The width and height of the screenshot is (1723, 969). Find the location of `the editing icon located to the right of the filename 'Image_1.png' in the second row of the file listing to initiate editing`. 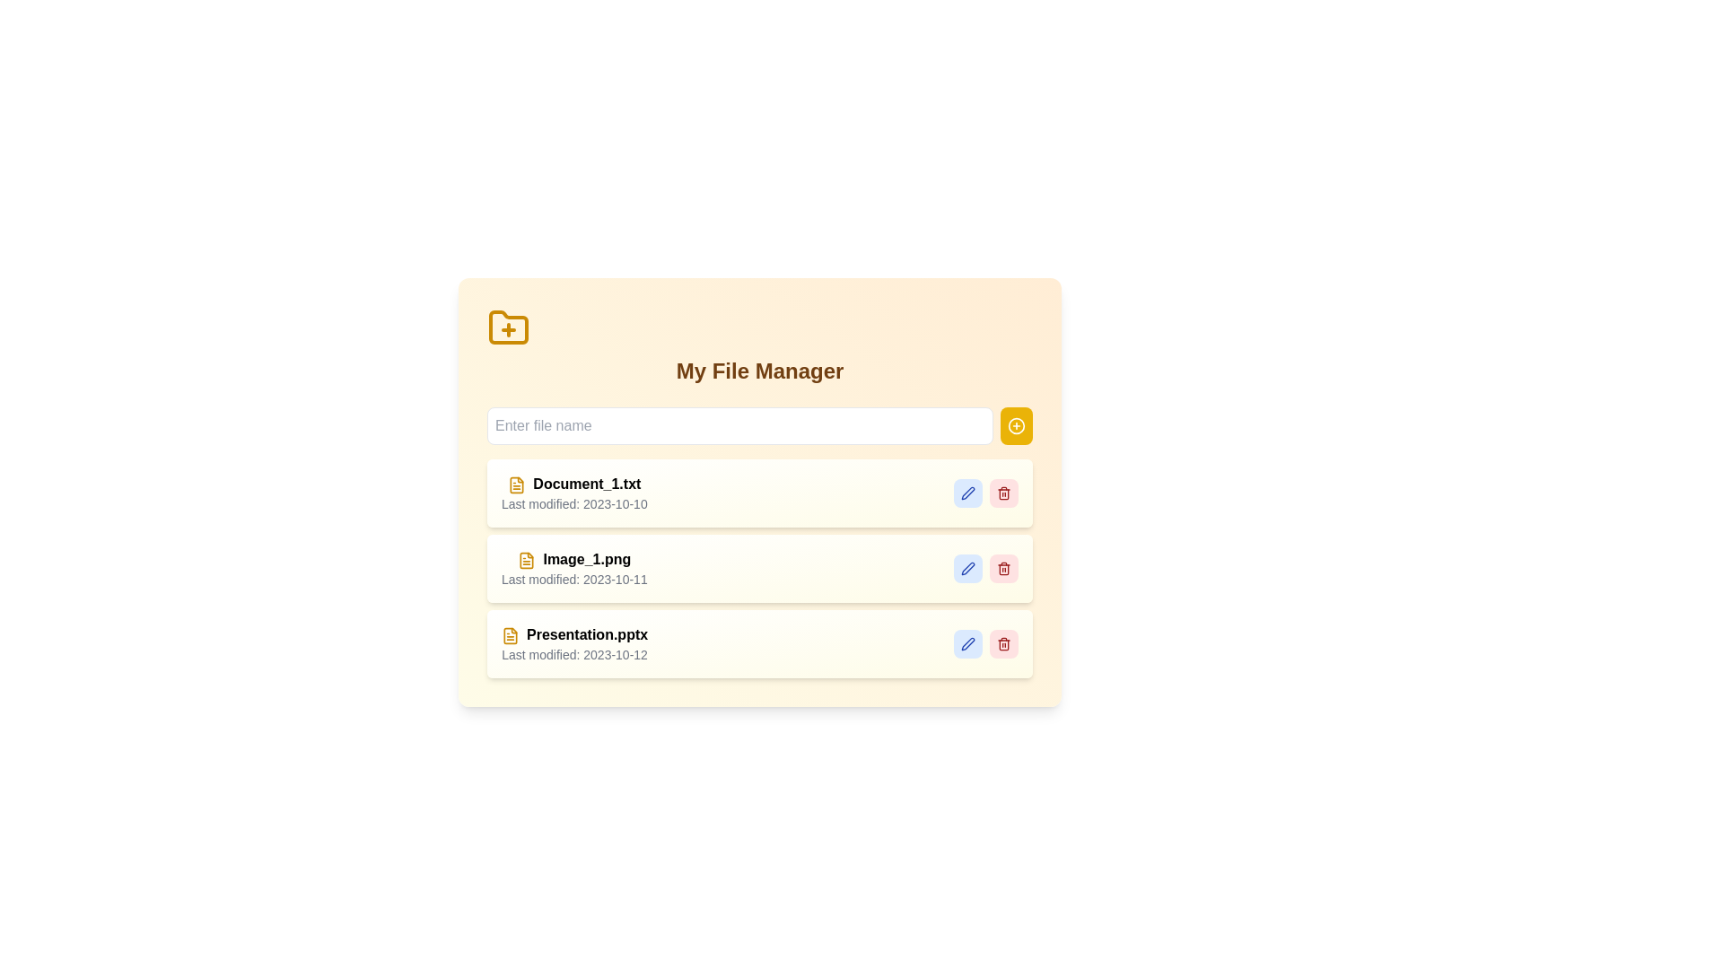

the editing icon located to the right of the filename 'Image_1.png' in the second row of the file listing to initiate editing is located at coordinates (967, 568).